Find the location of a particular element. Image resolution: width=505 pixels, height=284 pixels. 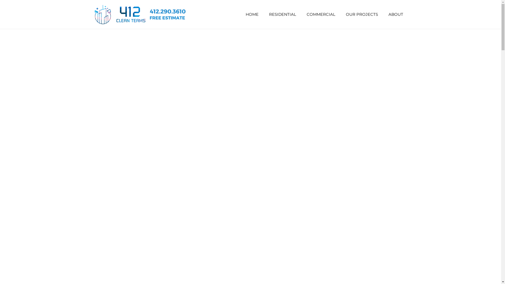

'RESIDENTIAL' is located at coordinates (264, 14).